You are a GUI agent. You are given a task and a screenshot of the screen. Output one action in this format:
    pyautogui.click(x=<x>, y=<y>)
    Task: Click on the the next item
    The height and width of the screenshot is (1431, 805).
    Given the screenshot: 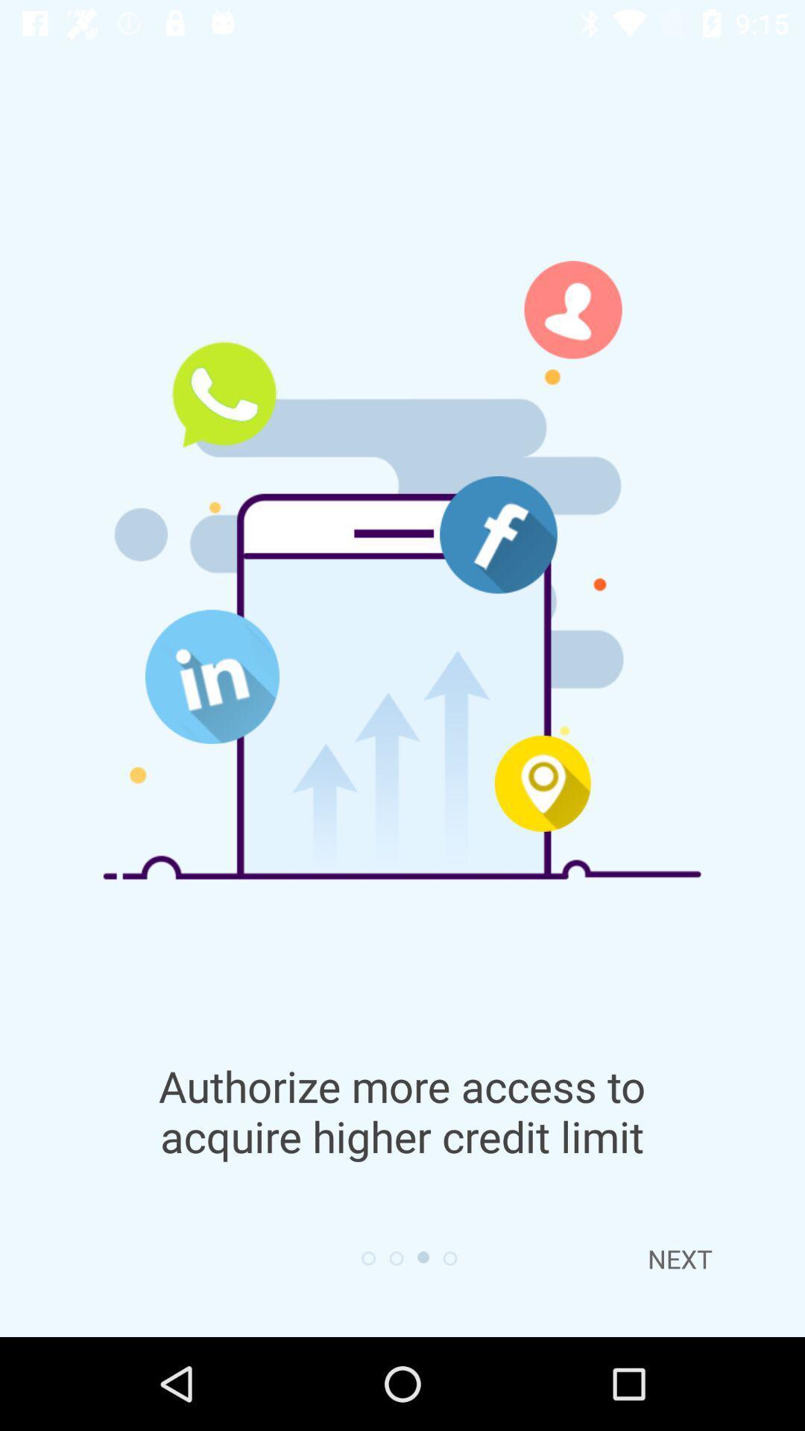 What is the action you would take?
    pyautogui.click(x=679, y=1258)
    